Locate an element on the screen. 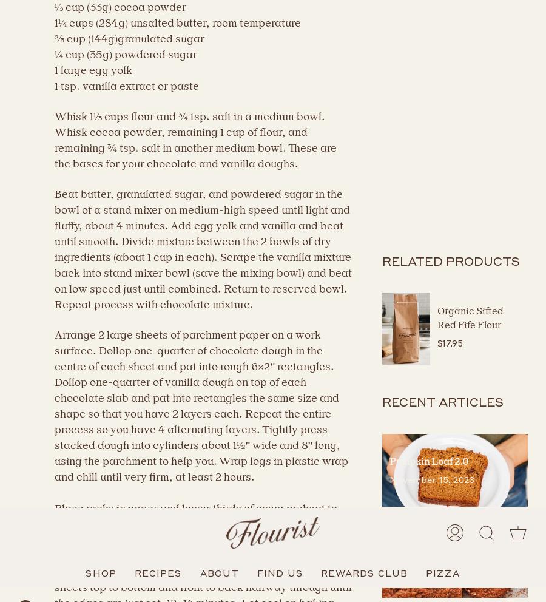  'USD $' is located at coordinates (36, 576).